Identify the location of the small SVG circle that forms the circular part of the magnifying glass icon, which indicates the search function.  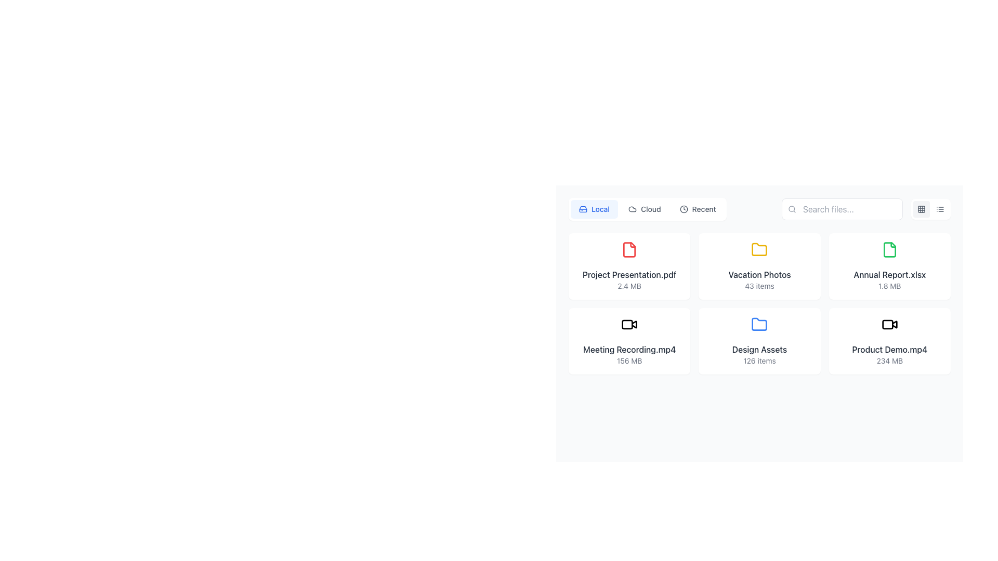
(791, 209).